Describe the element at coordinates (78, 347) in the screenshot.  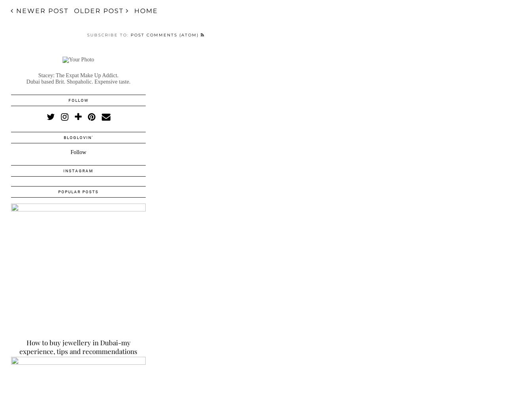
I see `'How to buy jewellery in Dubai-my experience, tips and recommendations'` at that location.